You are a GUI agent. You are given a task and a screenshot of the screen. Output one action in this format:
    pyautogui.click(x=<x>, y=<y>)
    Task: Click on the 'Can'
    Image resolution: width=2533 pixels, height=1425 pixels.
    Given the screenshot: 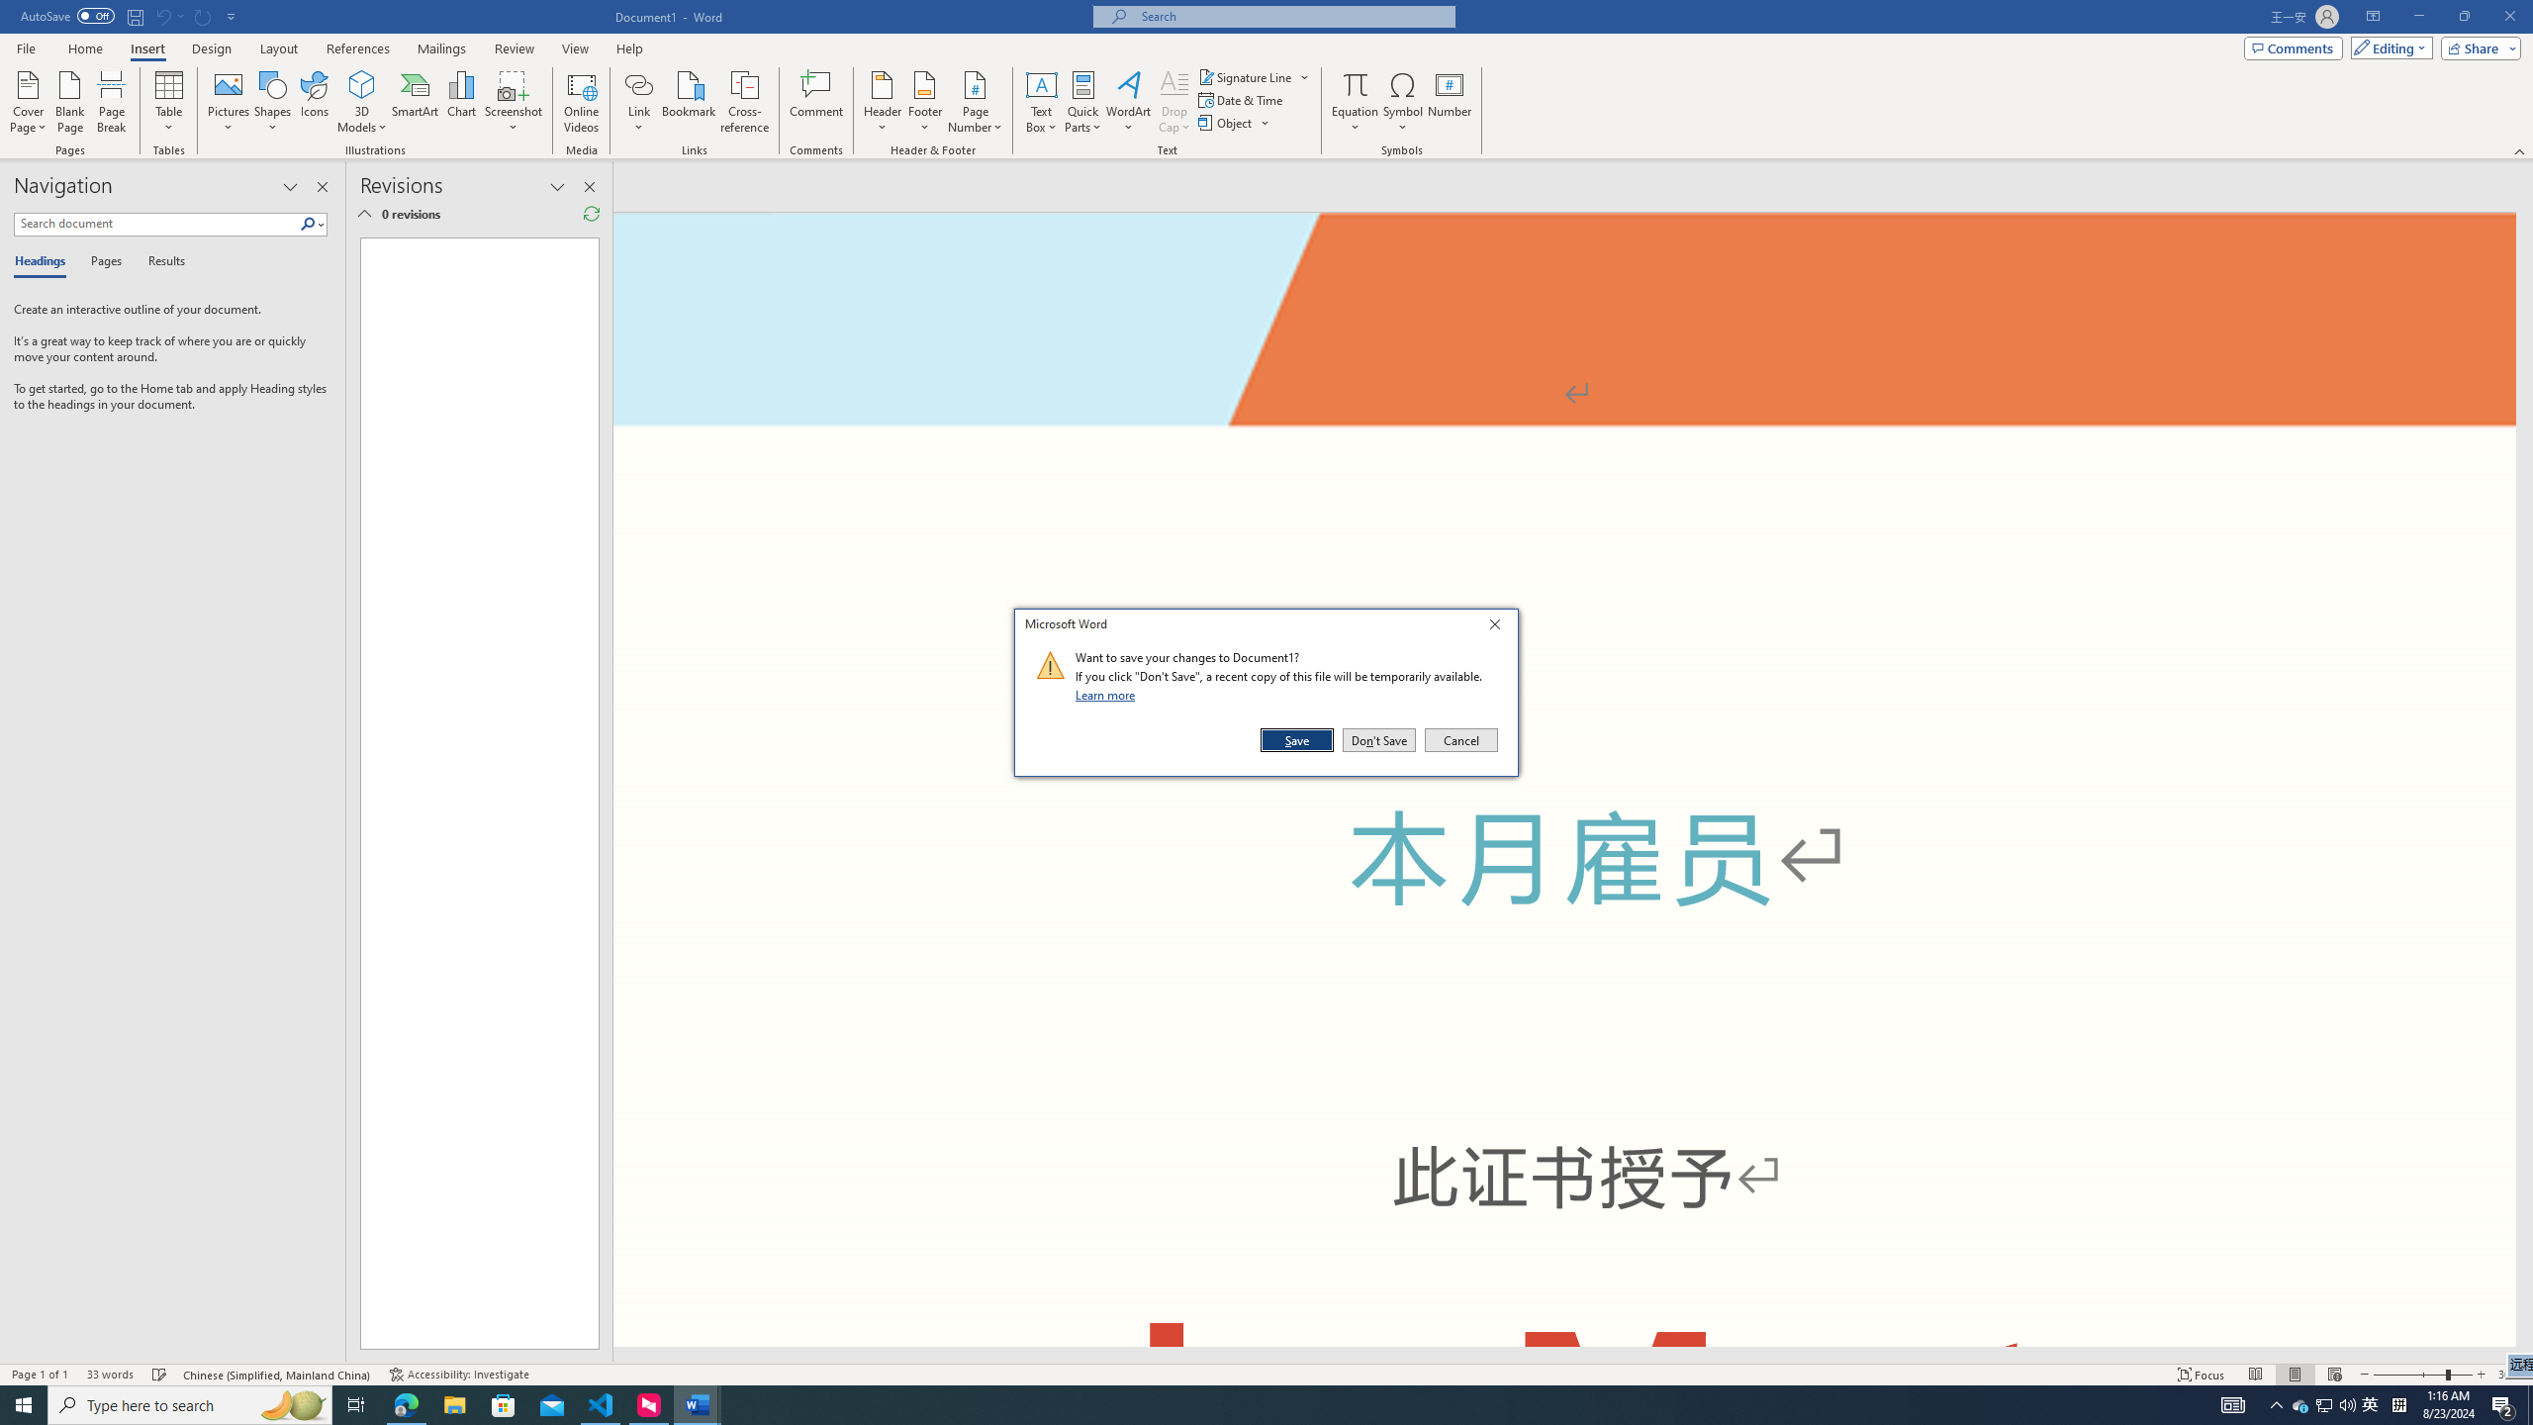 What is the action you would take?
    pyautogui.click(x=203, y=15)
    